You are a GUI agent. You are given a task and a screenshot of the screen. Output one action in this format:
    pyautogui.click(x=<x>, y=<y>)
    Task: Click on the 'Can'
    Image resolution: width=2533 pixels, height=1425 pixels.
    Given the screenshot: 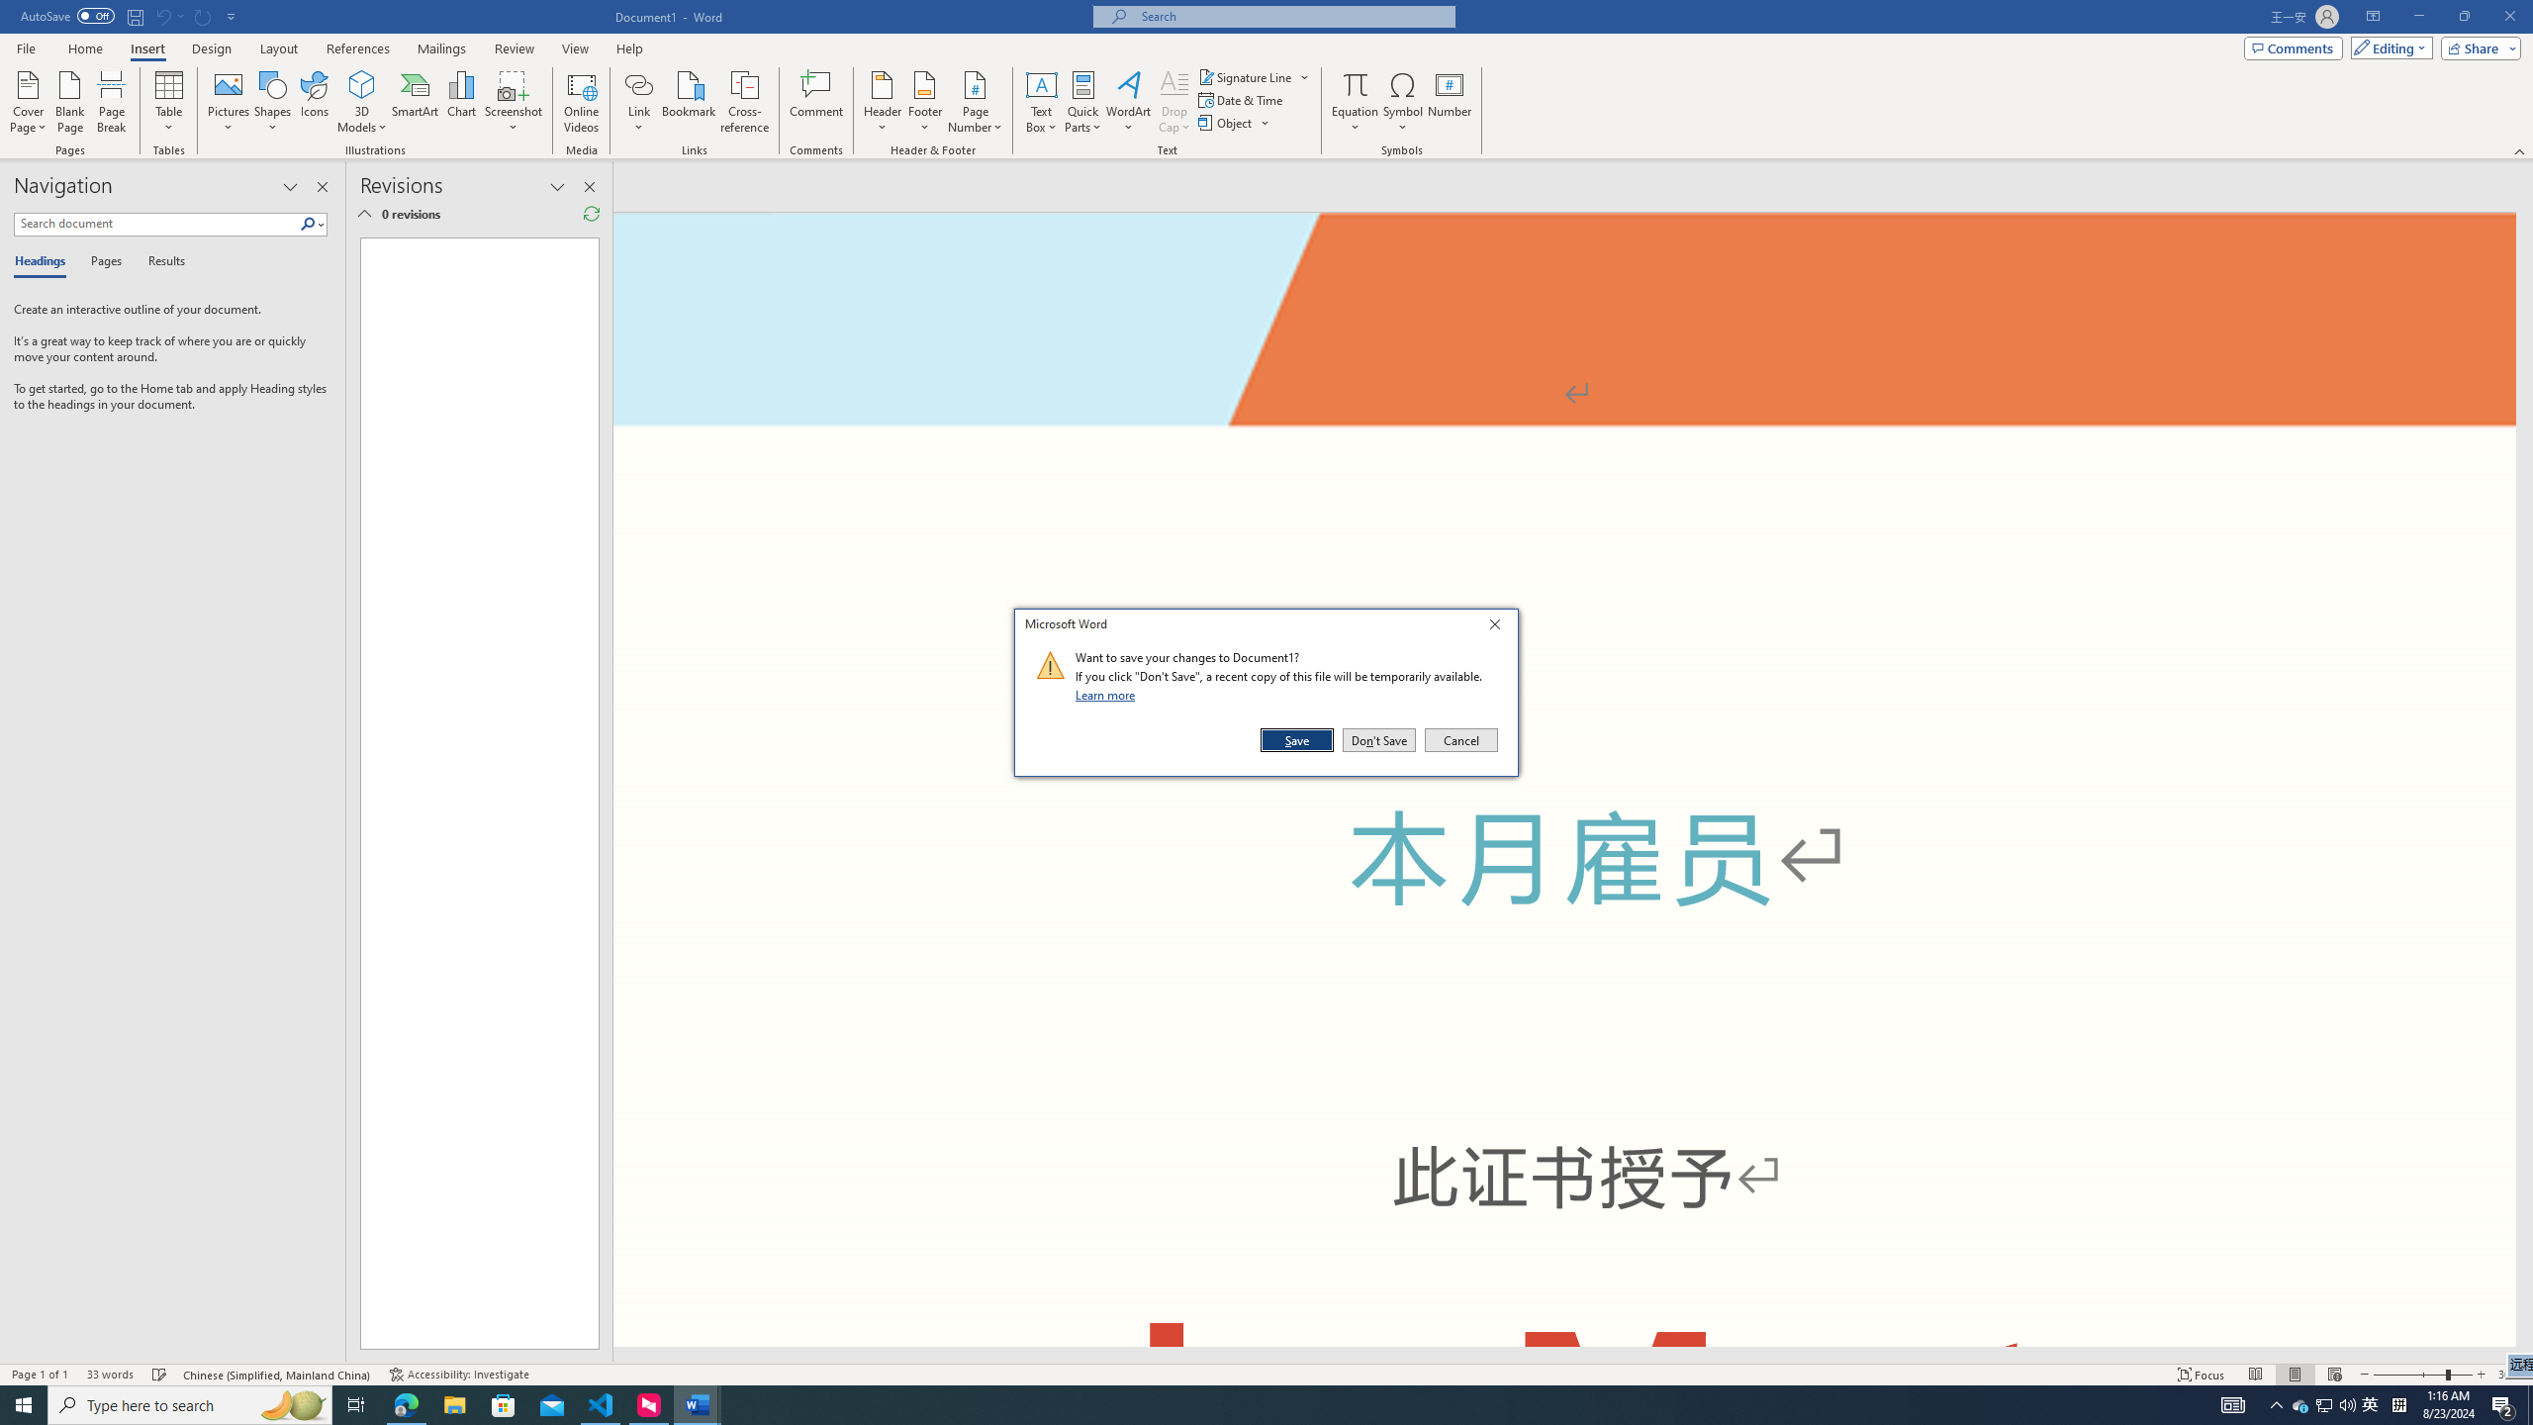 What is the action you would take?
    pyautogui.click(x=203, y=15)
    